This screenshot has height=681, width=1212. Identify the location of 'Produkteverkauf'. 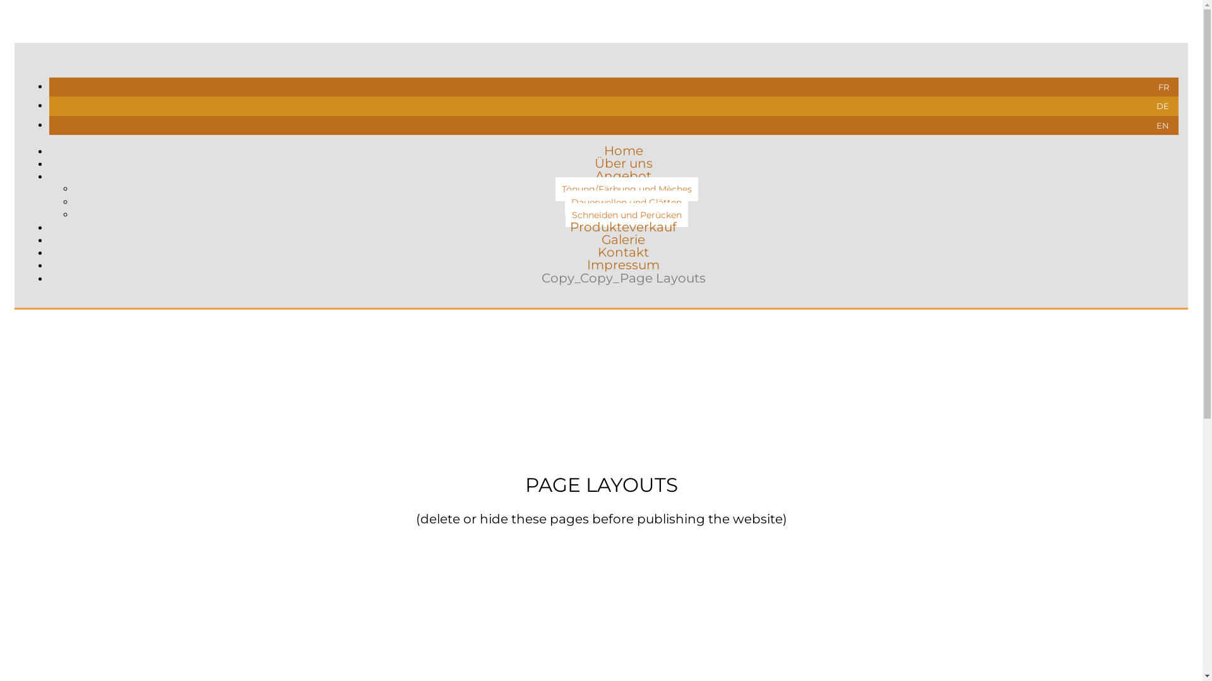
(623, 226).